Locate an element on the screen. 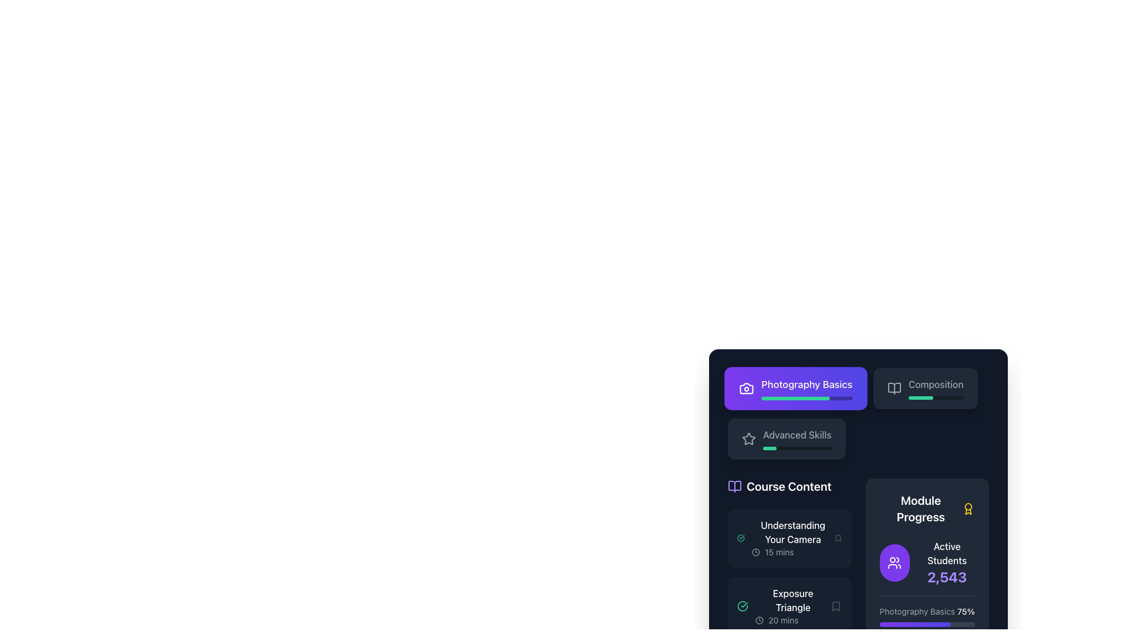  the text label that serves as a heading for the progress tracking module, located on the right side of the interface is located at coordinates (920, 508).